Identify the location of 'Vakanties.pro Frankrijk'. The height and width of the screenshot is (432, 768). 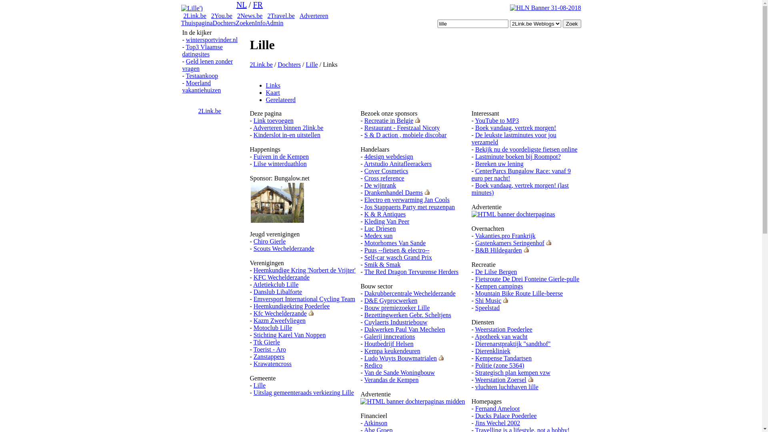
(505, 235).